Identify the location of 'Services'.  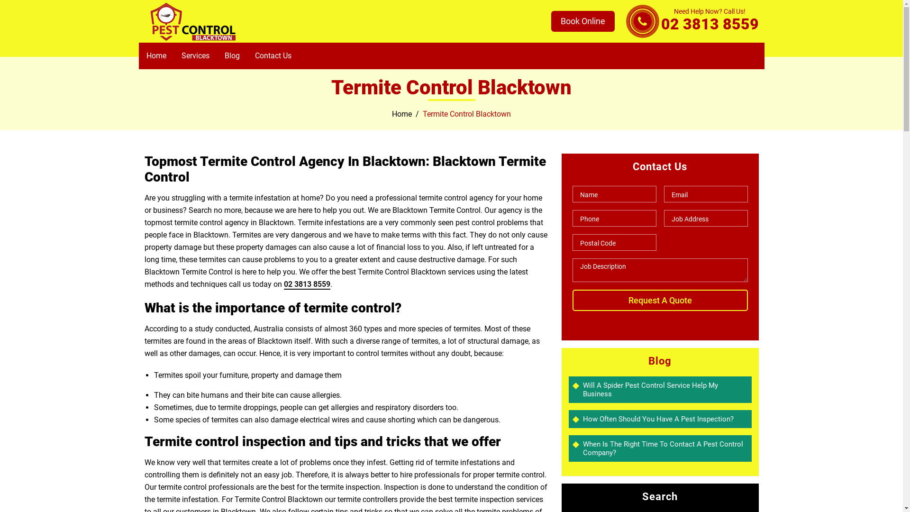
(195, 56).